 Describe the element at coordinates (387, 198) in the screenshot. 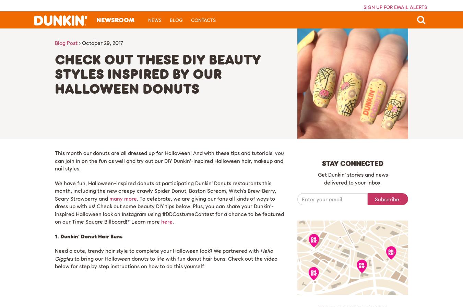

I see `'Subscribe'` at that location.